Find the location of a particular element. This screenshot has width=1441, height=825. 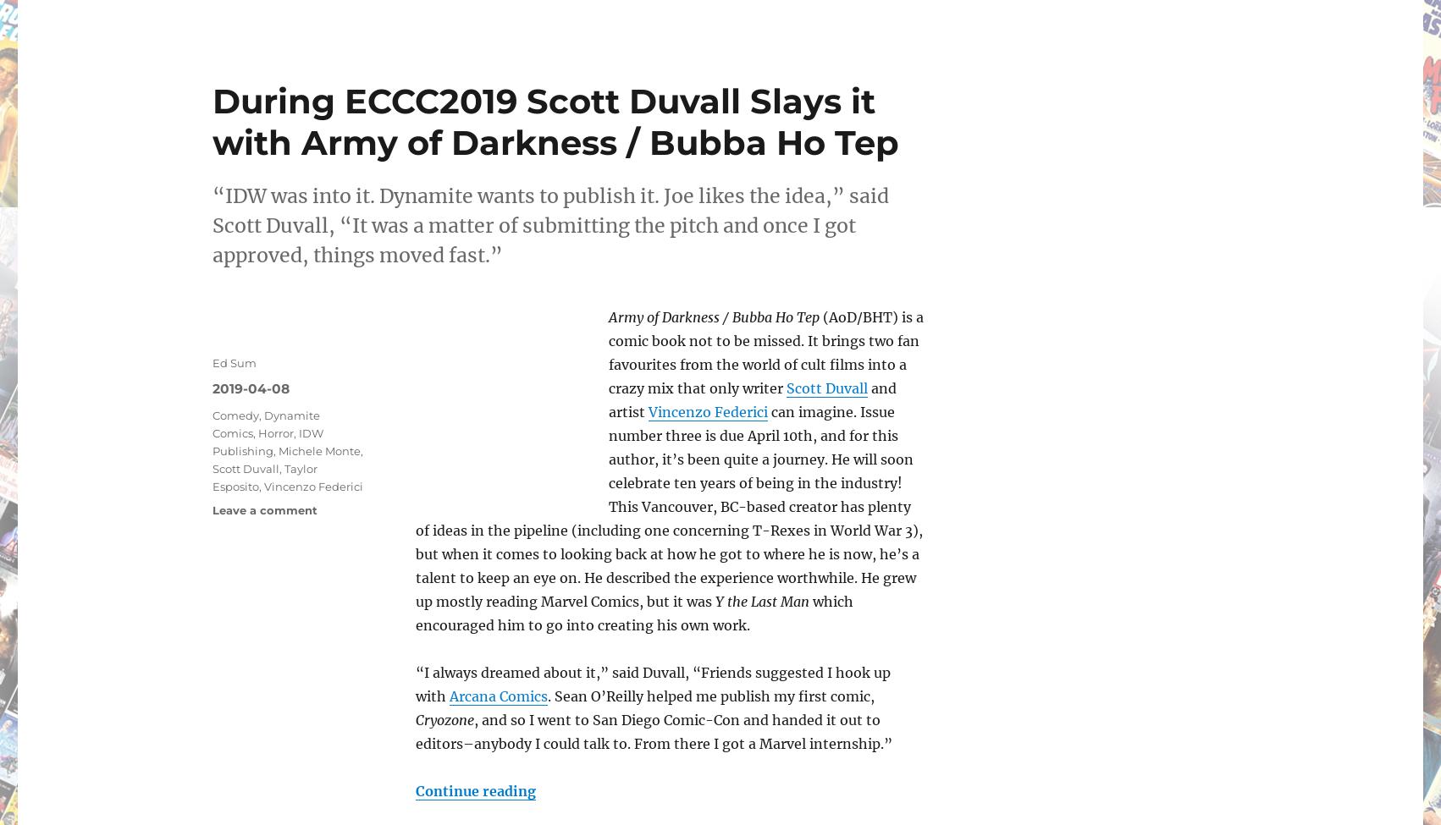

'can imagine. Issue number three is due April 10th, and for this author, it’s been quite a journey. He will soon celebrate ten years of being in the industry! This Vancouver, BC-based creator has plenty of ideas in the pipeline (including one concerning T-Rexes in World War 3), but when it comes to looking back at how he got to where he is now, he’s a talent to keep an eye on. He described the experience worthwhile. He grew up mostly reading Marvel Comics, but it was' is located at coordinates (668, 507).